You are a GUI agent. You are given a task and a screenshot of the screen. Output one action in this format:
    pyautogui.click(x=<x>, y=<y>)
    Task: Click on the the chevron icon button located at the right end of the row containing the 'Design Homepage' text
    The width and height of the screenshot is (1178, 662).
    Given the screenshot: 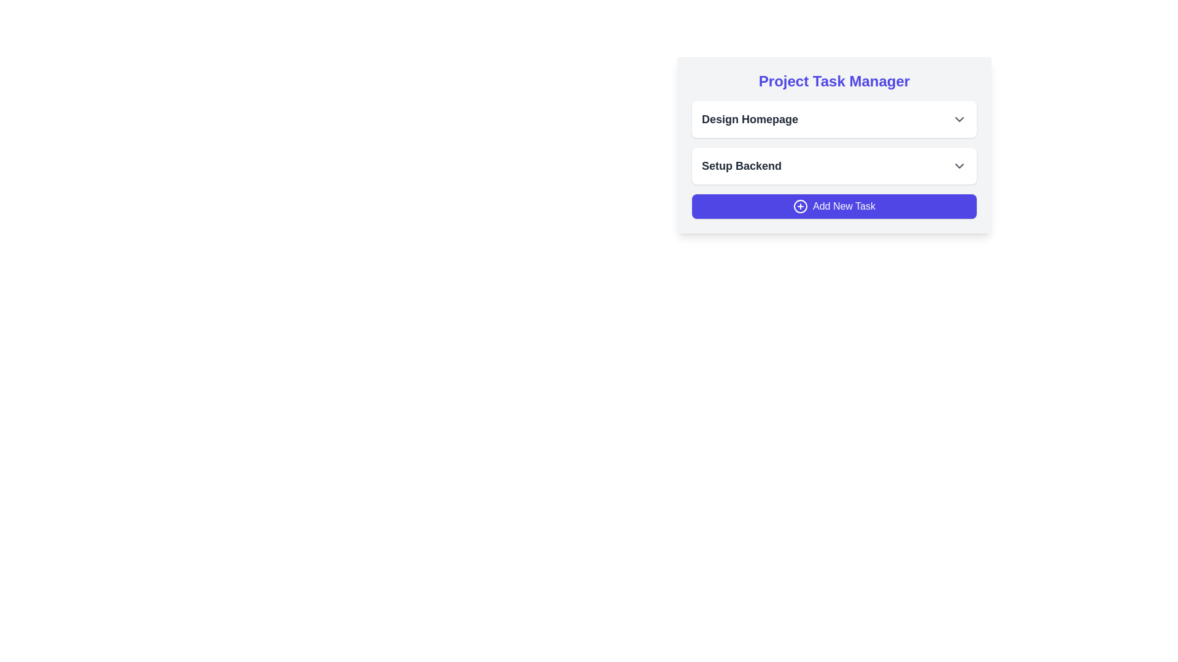 What is the action you would take?
    pyautogui.click(x=959, y=120)
    